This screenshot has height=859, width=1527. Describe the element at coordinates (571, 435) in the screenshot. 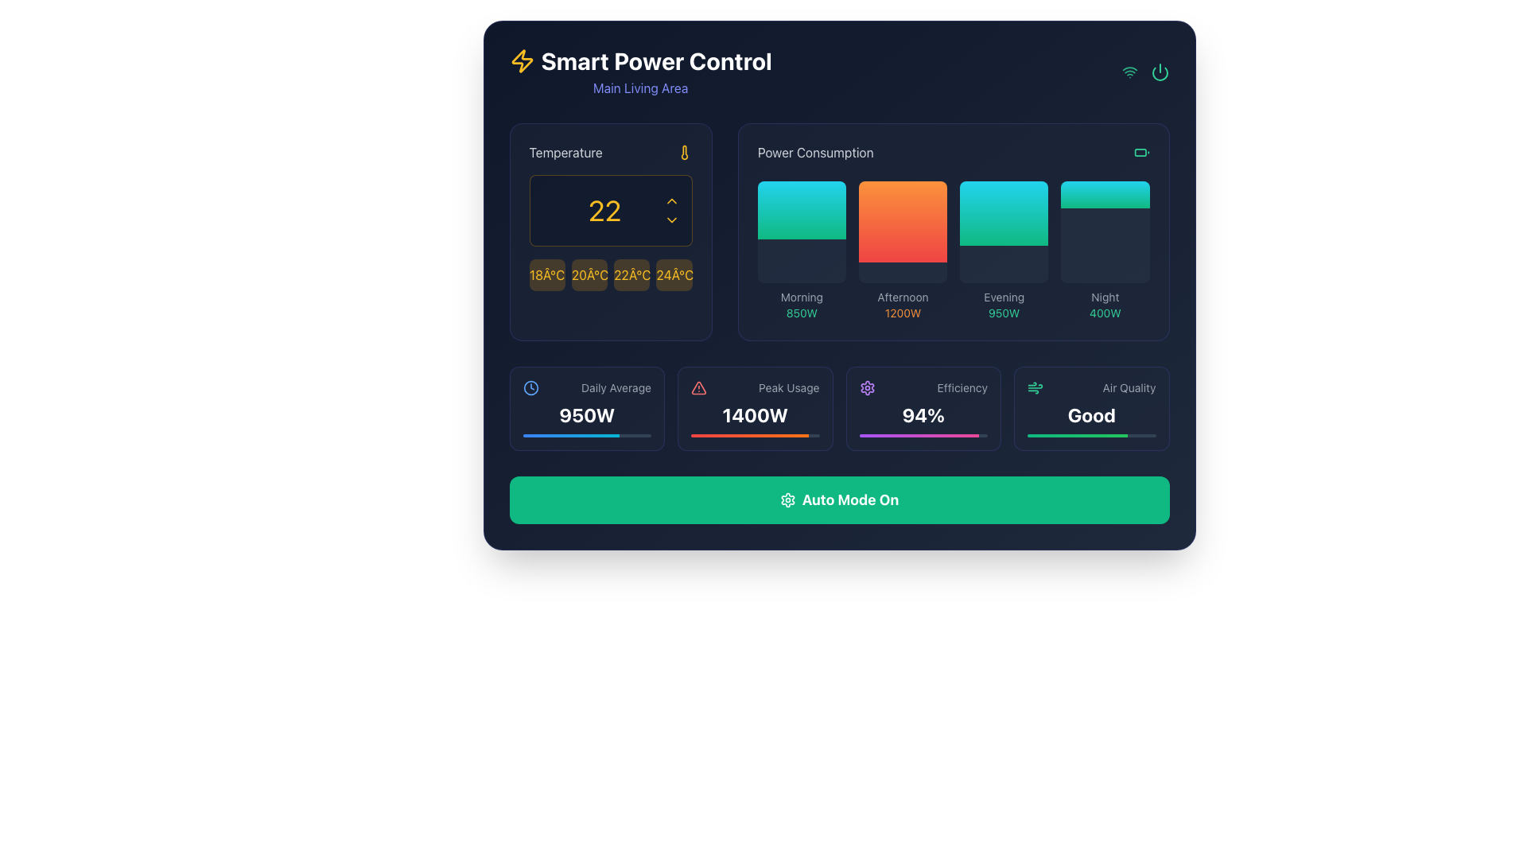

I see `the progress represented by the horizontal gradient-filled progress bar transitioning from blue to cyan, located below the 'Daily Average' section in the UI` at that location.